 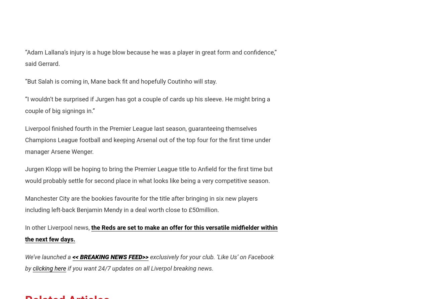 I want to click on '>>', so click(x=145, y=256).